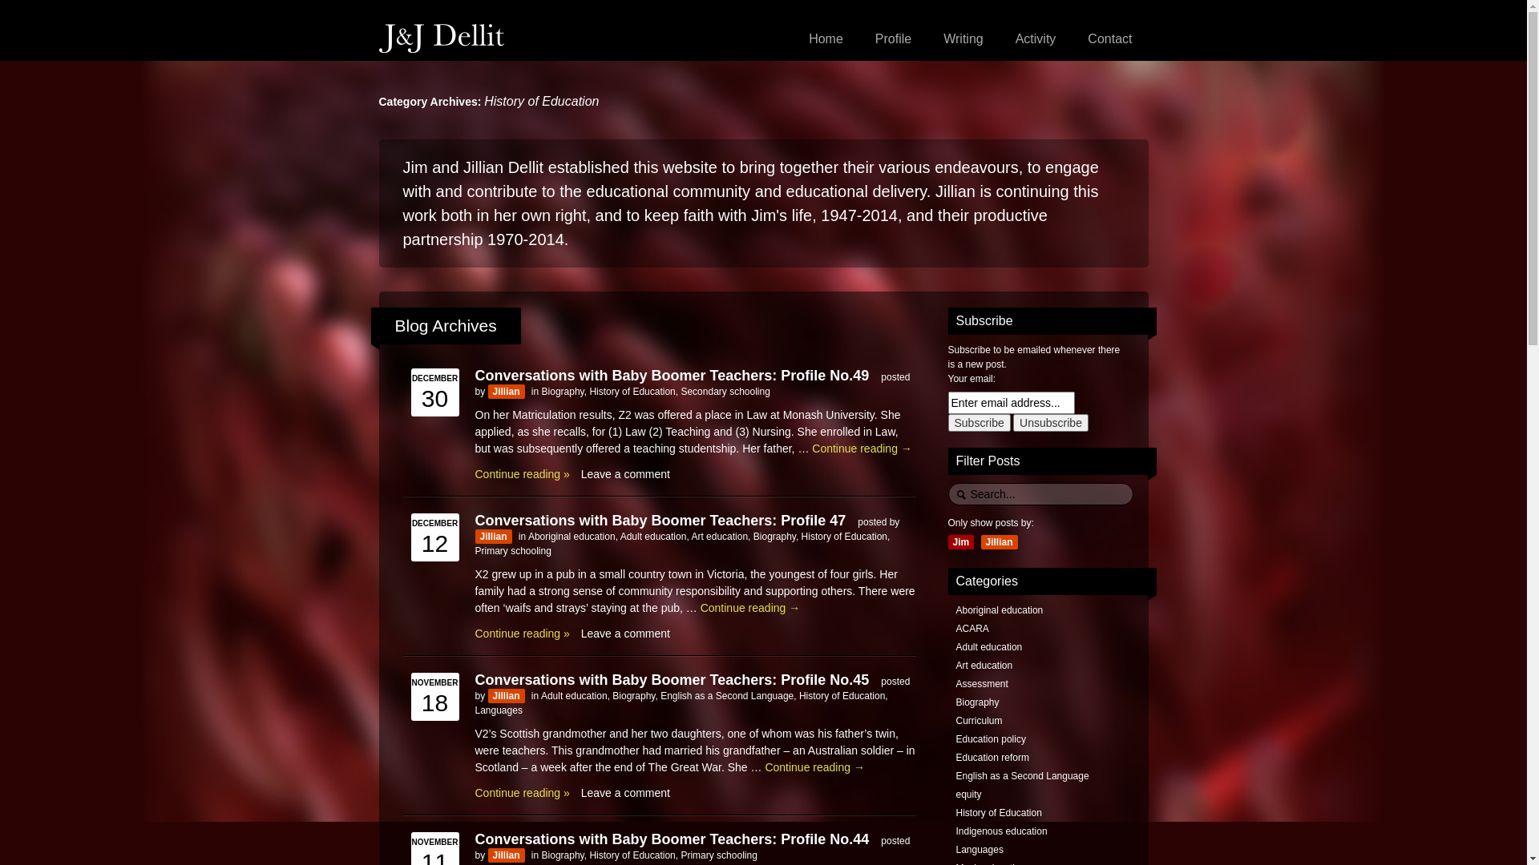 Image resolution: width=1539 pixels, height=865 pixels. Describe the element at coordinates (506, 392) in the screenshot. I see `'Jillian'` at that location.